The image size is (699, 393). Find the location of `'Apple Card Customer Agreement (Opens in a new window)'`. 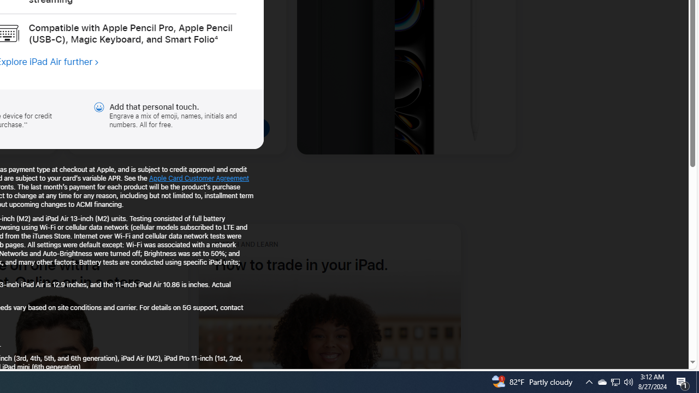

'Apple Card Customer Agreement (Opens in a new window)' is located at coordinates (199, 177).